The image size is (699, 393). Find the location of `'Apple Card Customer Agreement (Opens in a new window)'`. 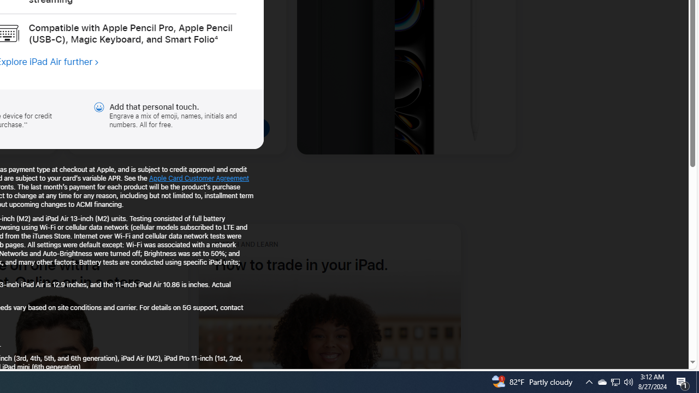

'Apple Card Customer Agreement (Opens in a new window)' is located at coordinates (199, 177).